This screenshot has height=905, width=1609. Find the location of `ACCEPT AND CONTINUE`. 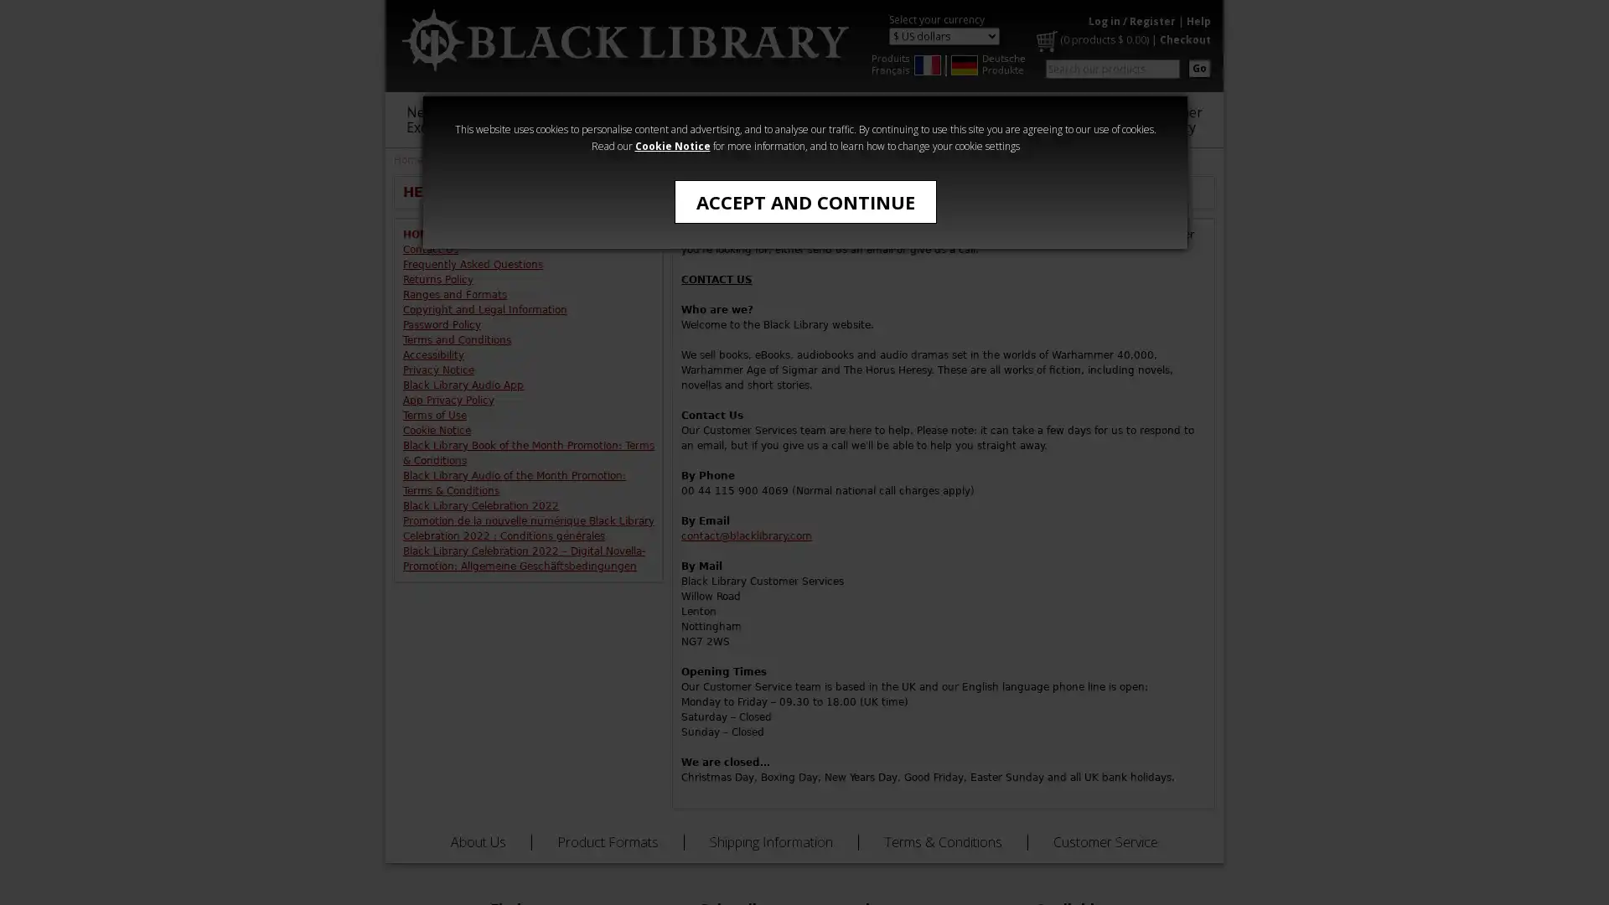

ACCEPT AND CONTINUE is located at coordinates (804, 200).